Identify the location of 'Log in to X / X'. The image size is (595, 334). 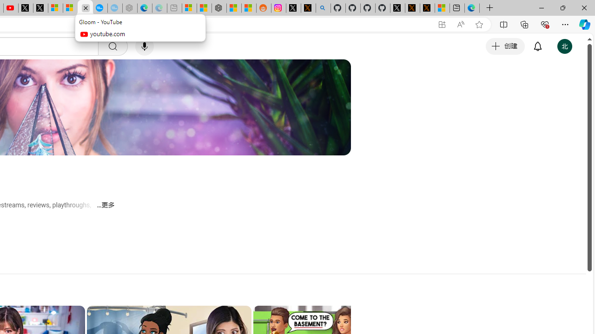
(293, 8).